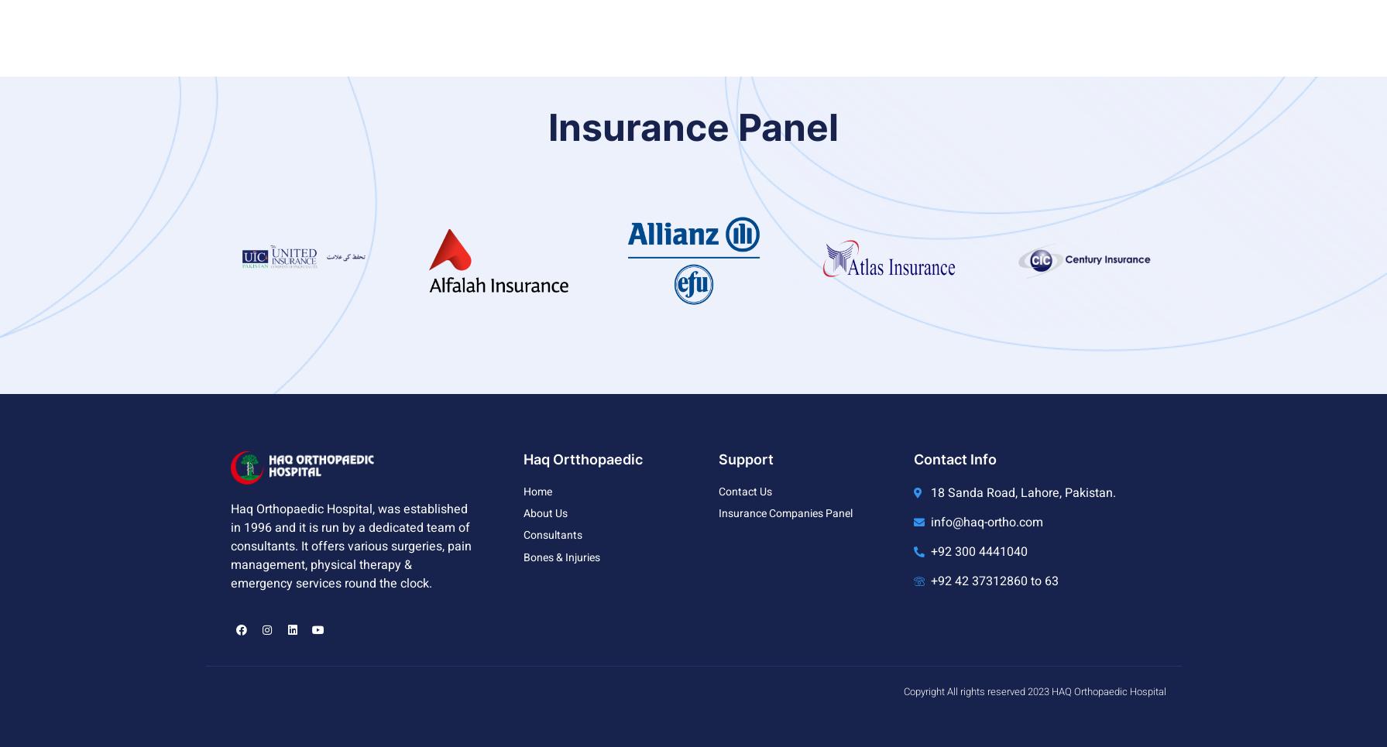 The height and width of the screenshot is (747, 1387). Describe the element at coordinates (986, 520) in the screenshot. I see `'info@haq-ortho.com'` at that location.